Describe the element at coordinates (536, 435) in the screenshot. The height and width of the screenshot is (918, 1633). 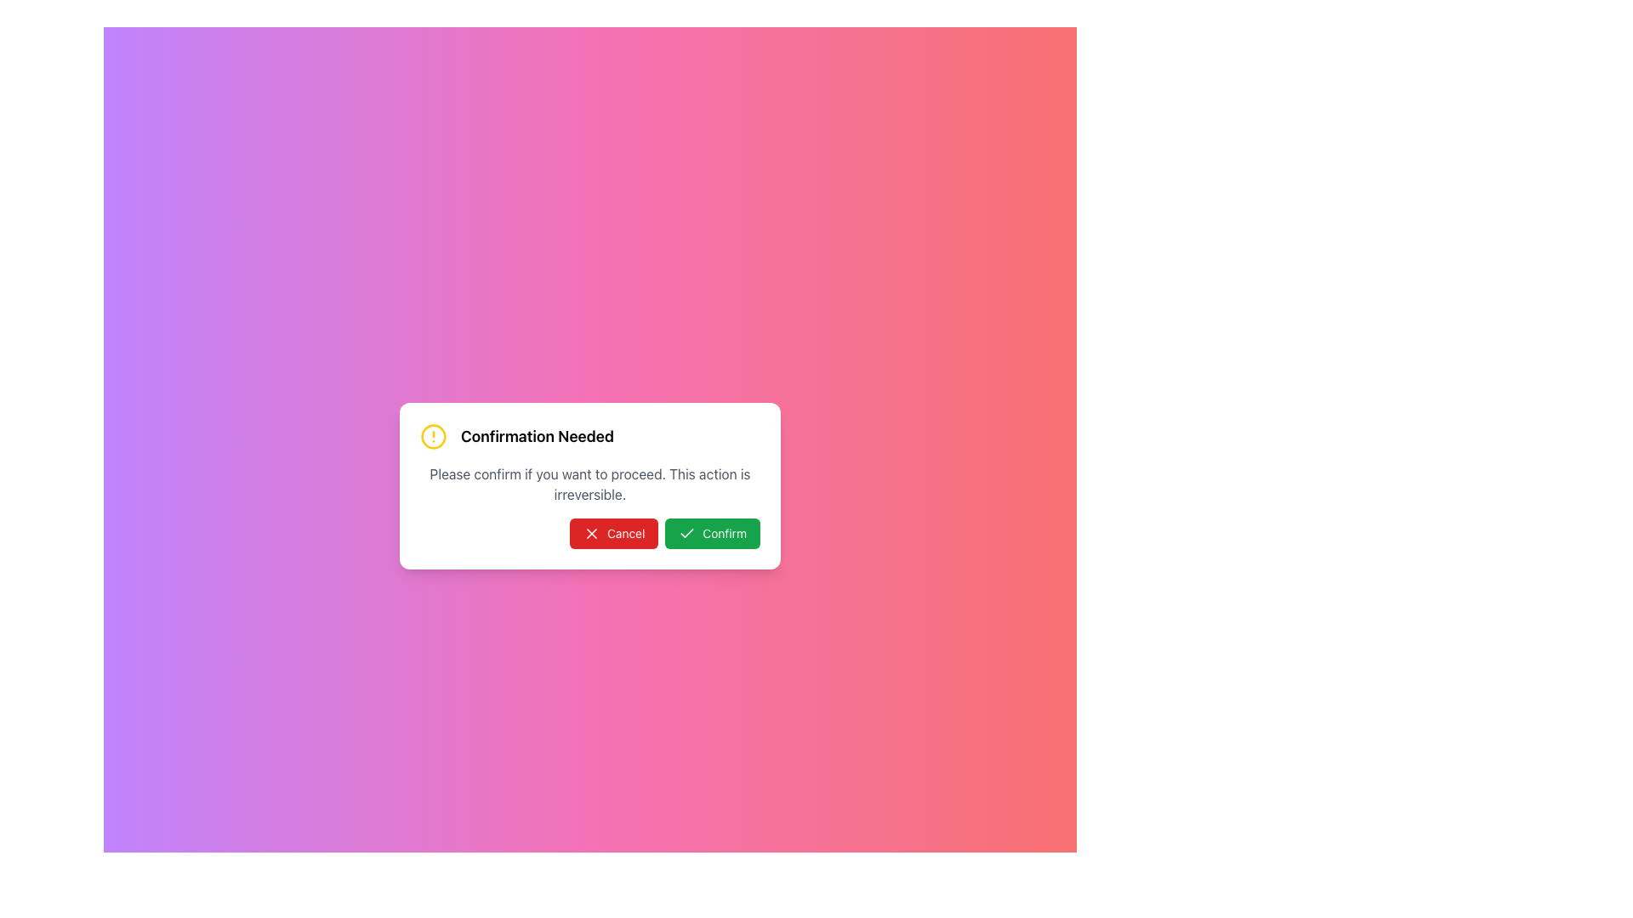
I see `bold and sizeable text stating 'Confirmation Needed' which is prominently displayed in a dialogue box` at that location.